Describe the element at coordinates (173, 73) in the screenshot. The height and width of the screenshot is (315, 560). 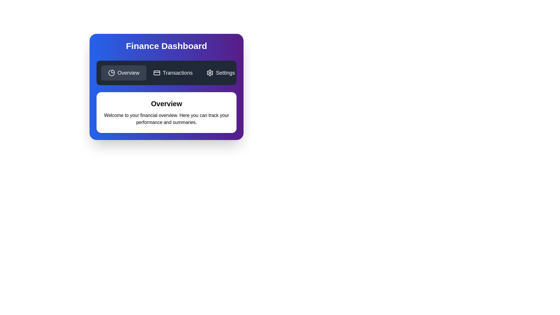
I see `the navigation button for 'Transactions' located at the top-center of the interface` at that location.